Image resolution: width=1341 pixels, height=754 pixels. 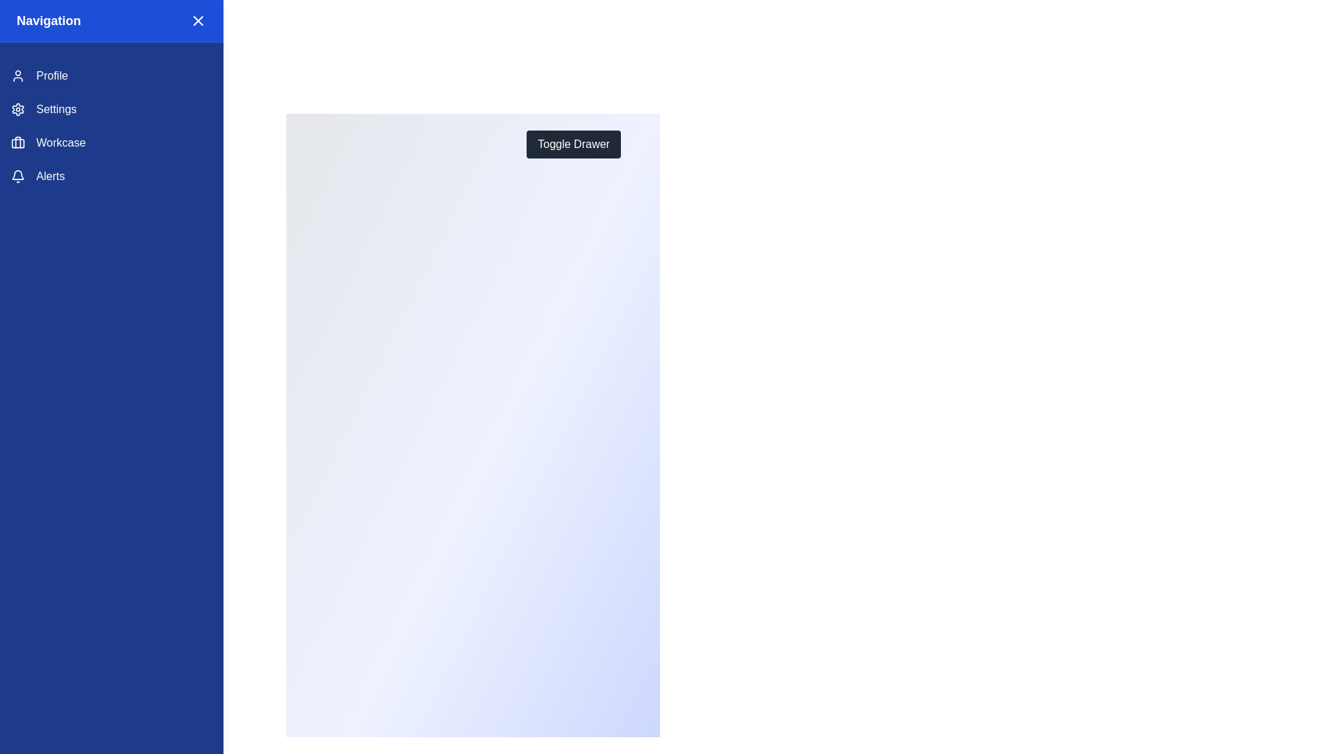 What do you see at coordinates (110, 176) in the screenshot?
I see `the menu item Alerts from the navigation drawer` at bounding box center [110, 176].